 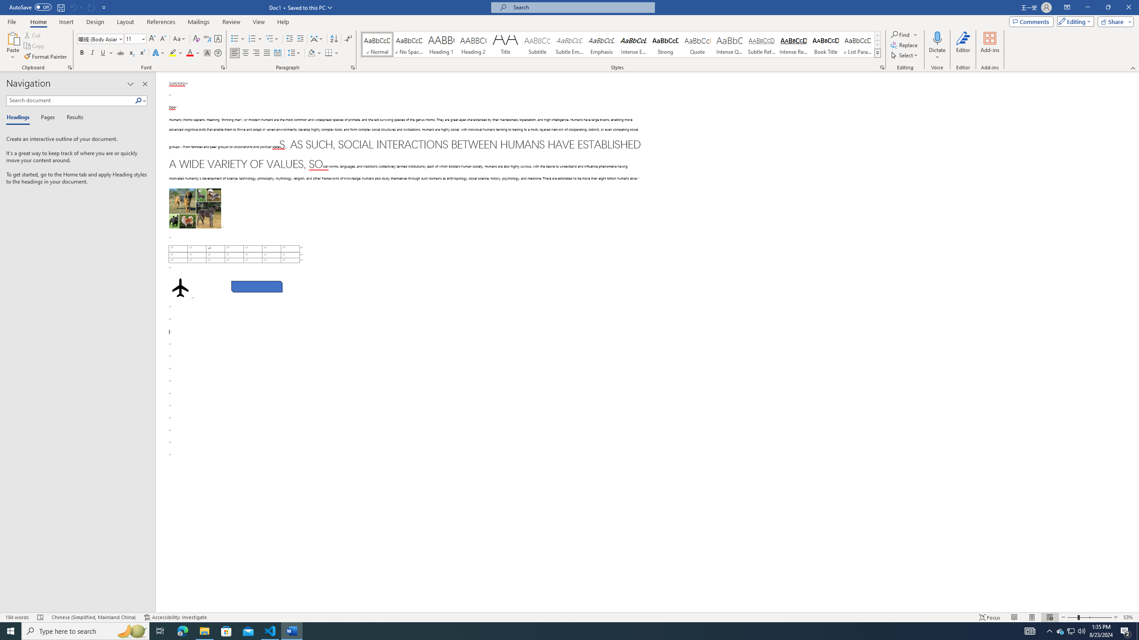 What do you see at coordinates (256, 286) in the screenshot?
I see `'Rectangle: Diagonal Corners Snipped 2'` at bounding box center [256, 286].